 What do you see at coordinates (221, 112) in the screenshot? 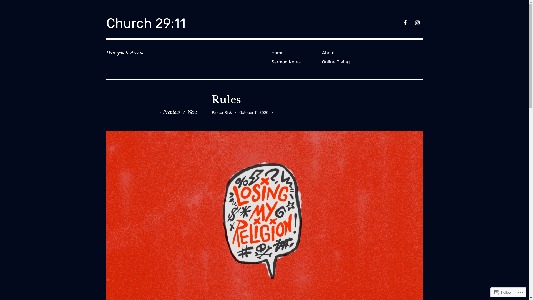
I see `'Pastor Rick'` at bounding box center [221, 112].